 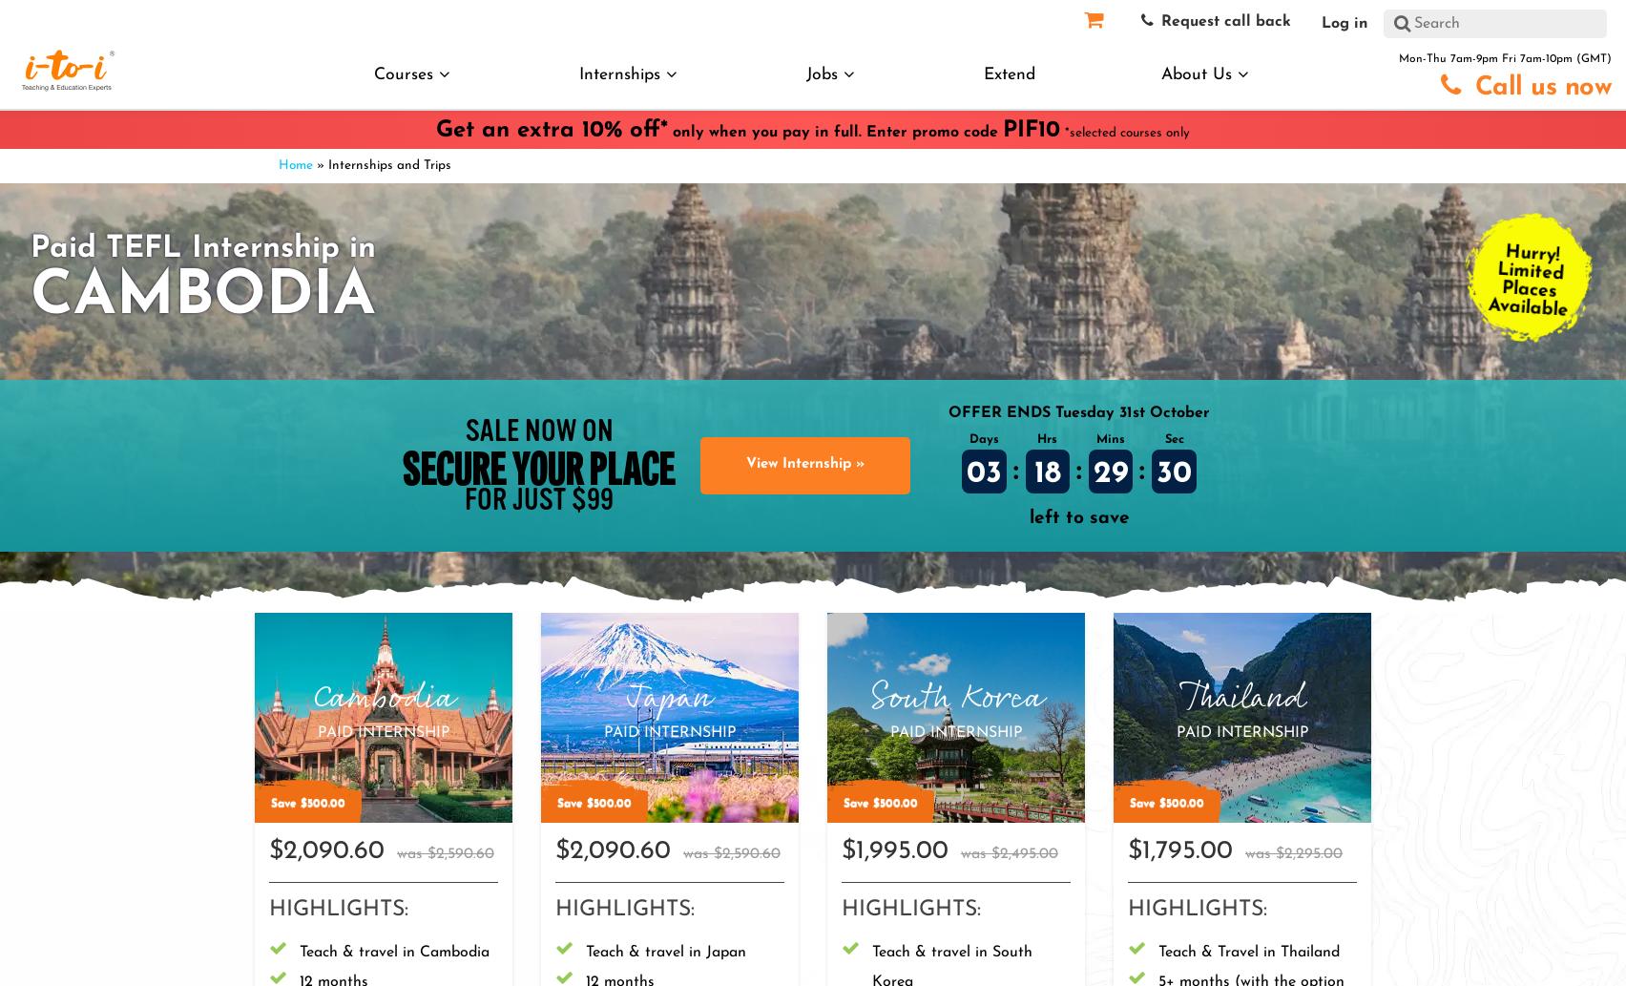 What do you see at coordinates (1010, 852) in the screenshot?
I see `'was $2,495.00'` at bounding box center [1010, 852].